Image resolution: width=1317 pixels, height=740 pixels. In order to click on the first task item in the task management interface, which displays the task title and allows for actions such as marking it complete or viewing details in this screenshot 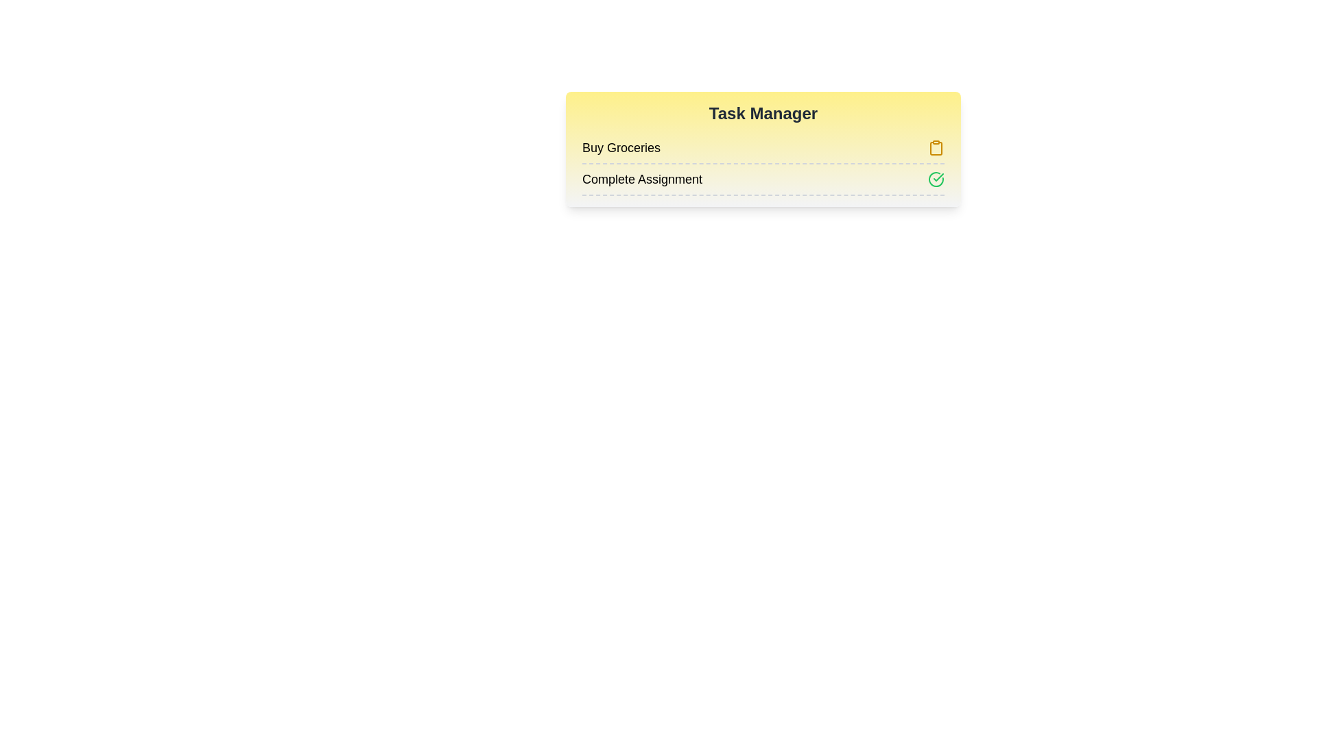, I will do `click(763, 148)`.